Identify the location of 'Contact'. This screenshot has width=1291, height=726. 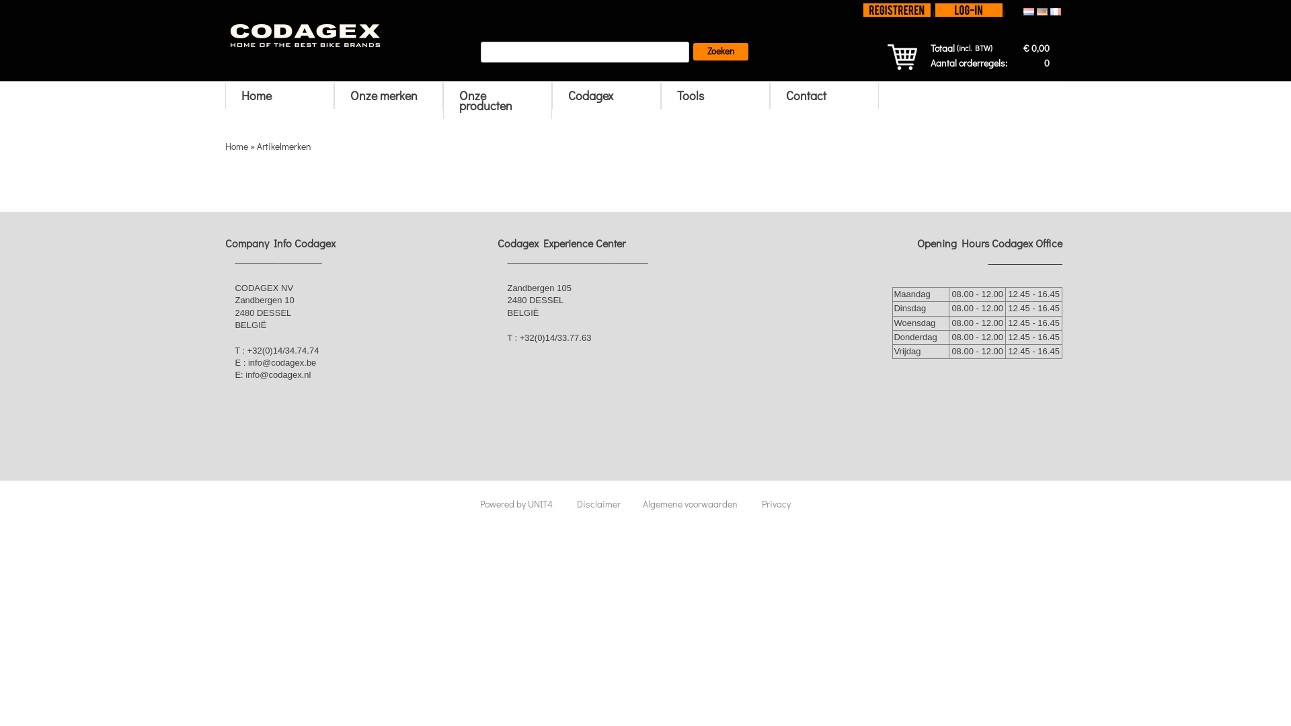
(823, 95).